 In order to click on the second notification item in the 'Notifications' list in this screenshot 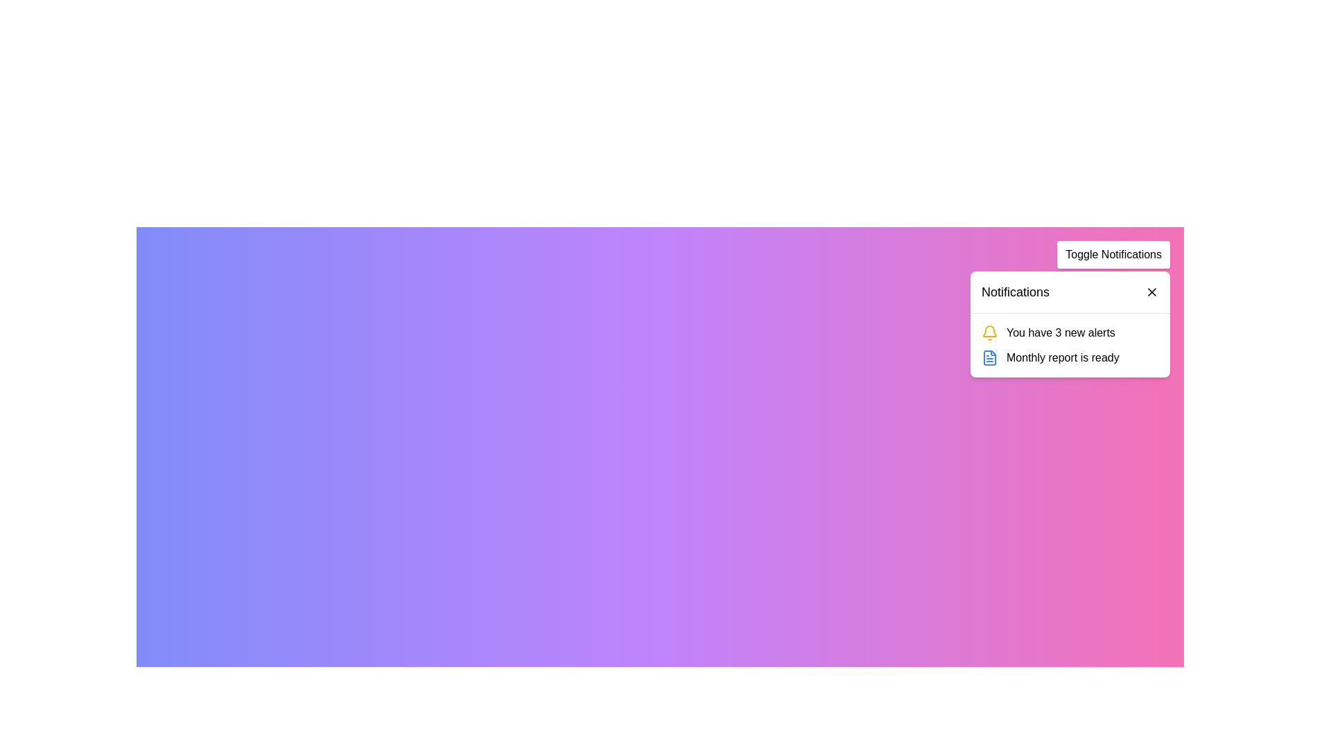, I will do `click(1070, 357)`.